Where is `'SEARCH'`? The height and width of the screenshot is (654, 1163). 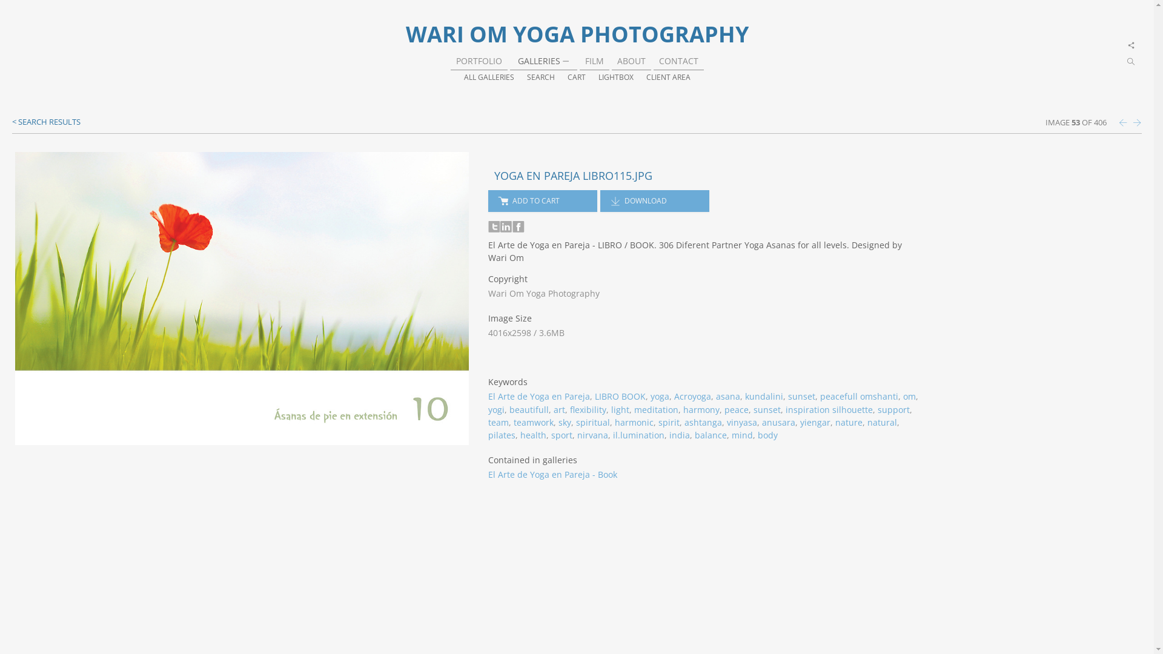 'SEARCH' is located at coordinates (540, 77).